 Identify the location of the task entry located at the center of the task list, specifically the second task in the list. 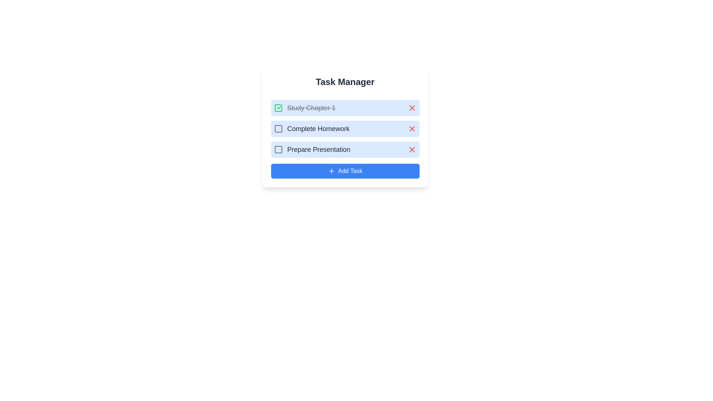
(345, 128).